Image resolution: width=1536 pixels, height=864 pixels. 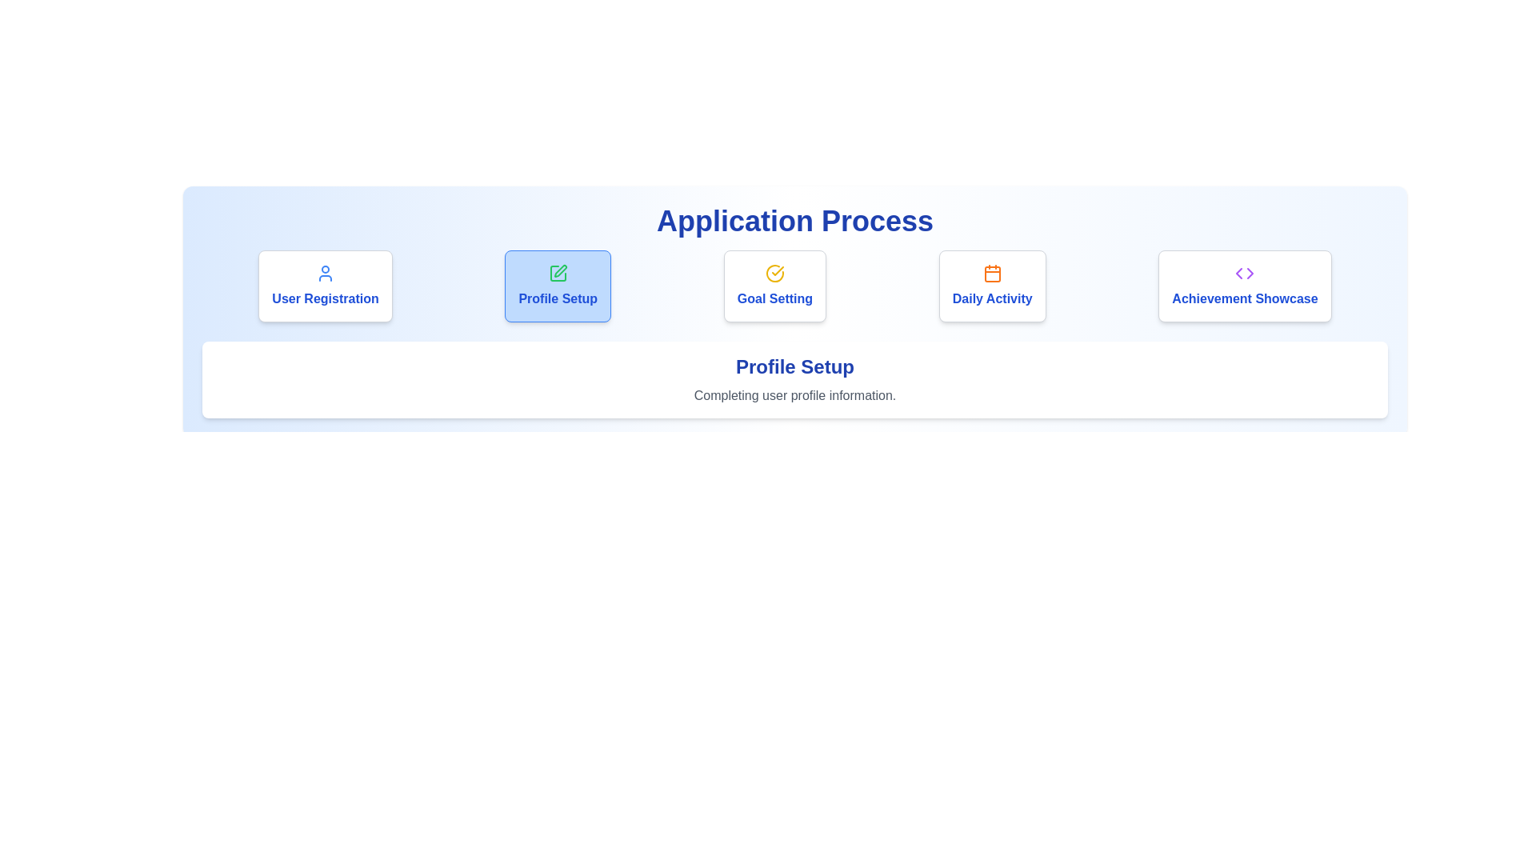 I want to click on the graphical icon representing a checkmark within a circle, which serves as a completion indicator for the 'Goal Setting' section of the application, so click(x=775, y=273).